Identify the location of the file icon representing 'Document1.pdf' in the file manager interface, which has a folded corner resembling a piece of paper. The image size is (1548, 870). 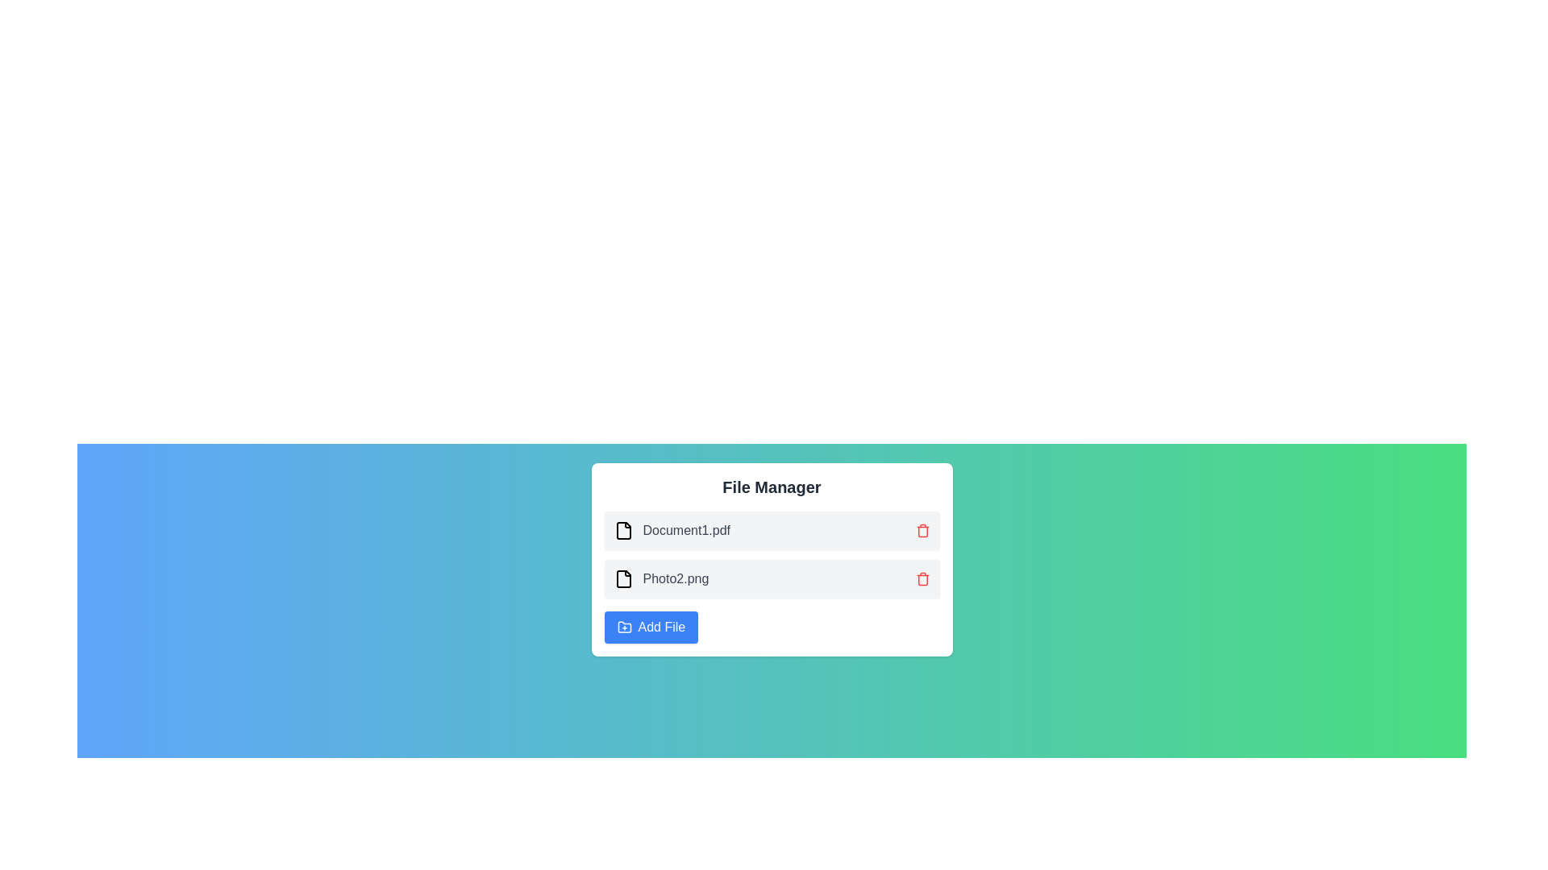
(622, 531).